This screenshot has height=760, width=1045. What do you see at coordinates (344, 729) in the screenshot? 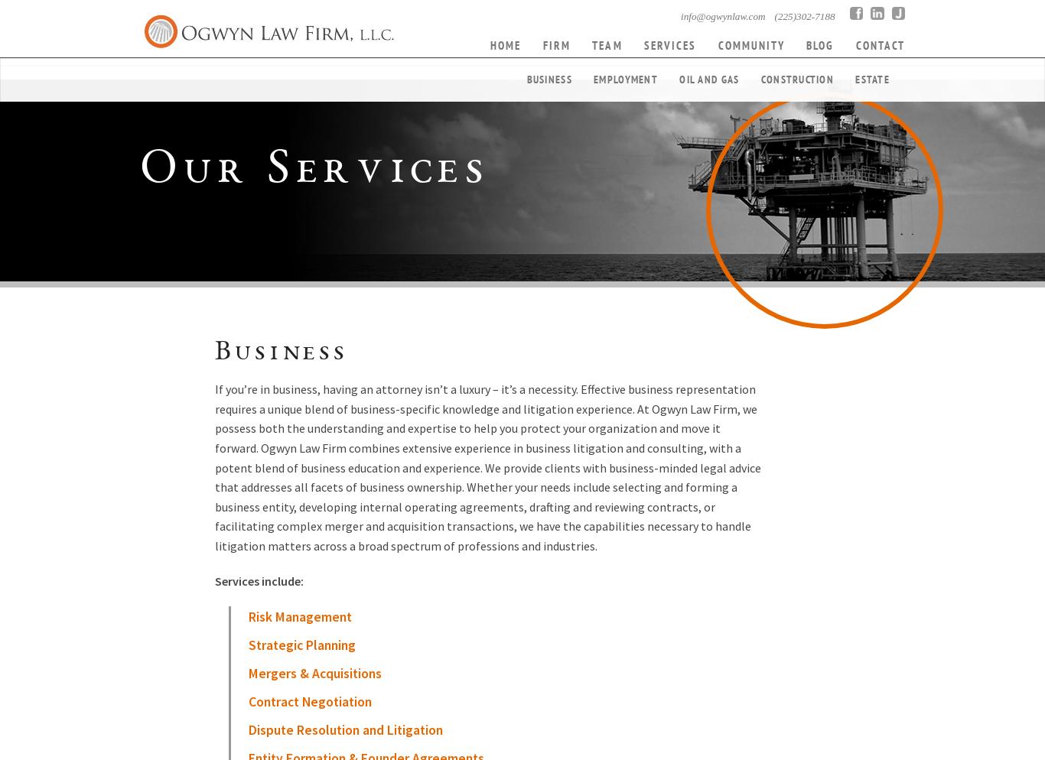
I see `'Dispute Resolution and Litigation'` at bounding box center [344, 729].